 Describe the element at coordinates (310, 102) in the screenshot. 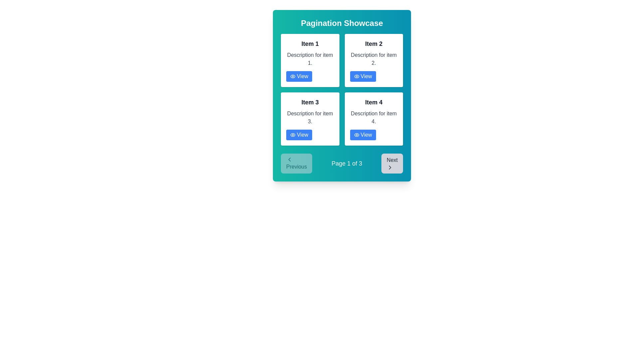

I see `the title or heading Text Label of the third card in the grid layout located in the lower-left quadrant` at that location.